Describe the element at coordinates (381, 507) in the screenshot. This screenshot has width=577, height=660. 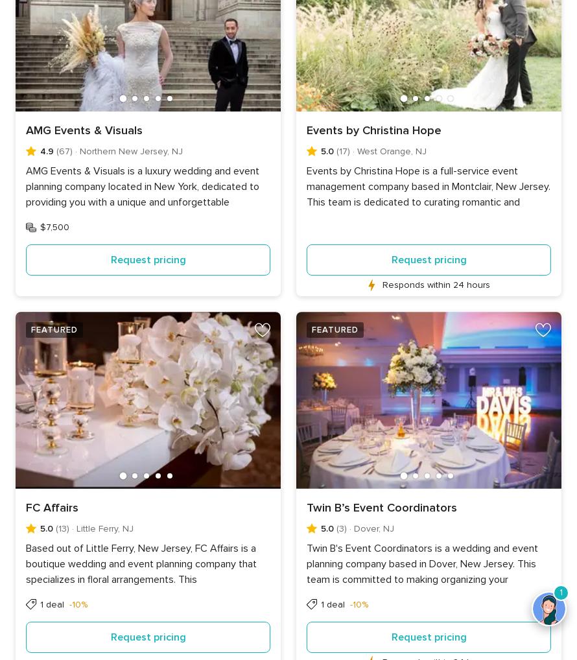
I see `'Twin B’s Event Coordinators'` at that location.